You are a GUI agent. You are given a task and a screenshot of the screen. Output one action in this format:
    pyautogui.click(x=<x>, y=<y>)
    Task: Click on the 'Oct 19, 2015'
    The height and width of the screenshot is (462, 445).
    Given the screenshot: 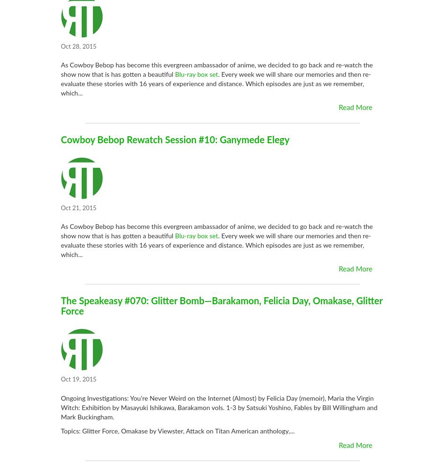 What is the action you would take?
    pyautogui.click(x=78, y=380)
    